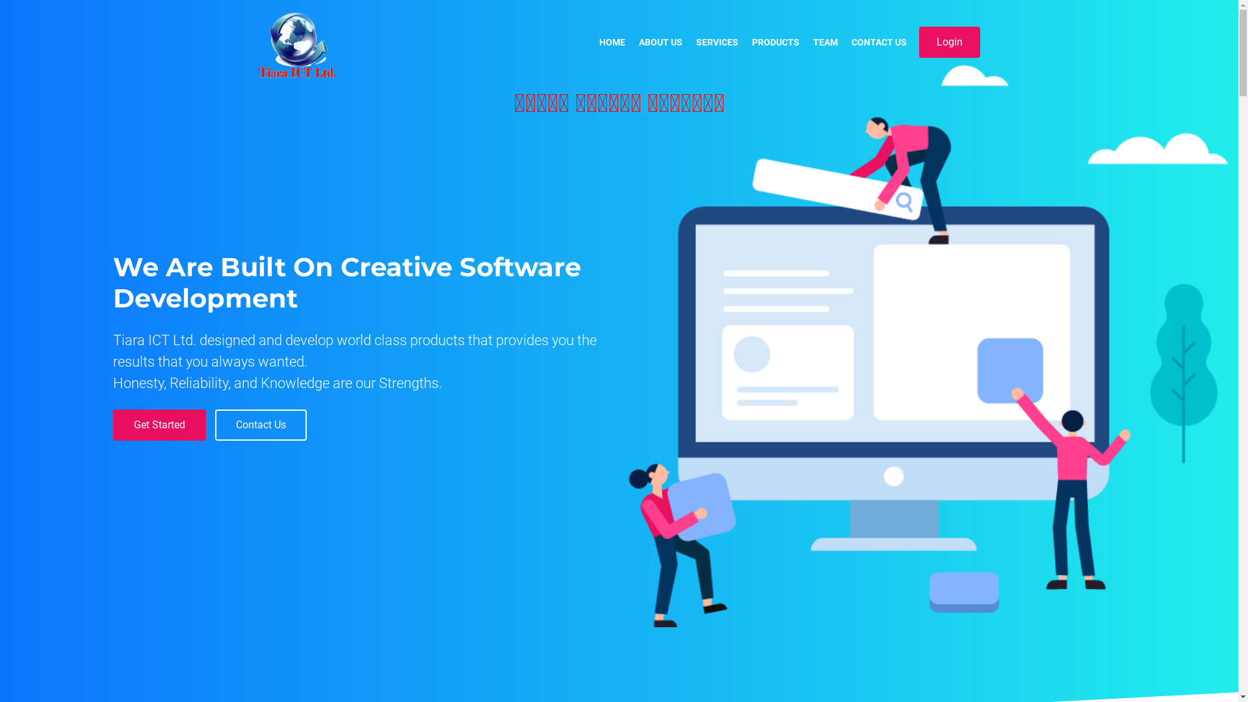 This screenshot has width=1248, height=702. Describe the element at coordinates (159, 425) in the screenshot. I see `'Get Started'` at that location.